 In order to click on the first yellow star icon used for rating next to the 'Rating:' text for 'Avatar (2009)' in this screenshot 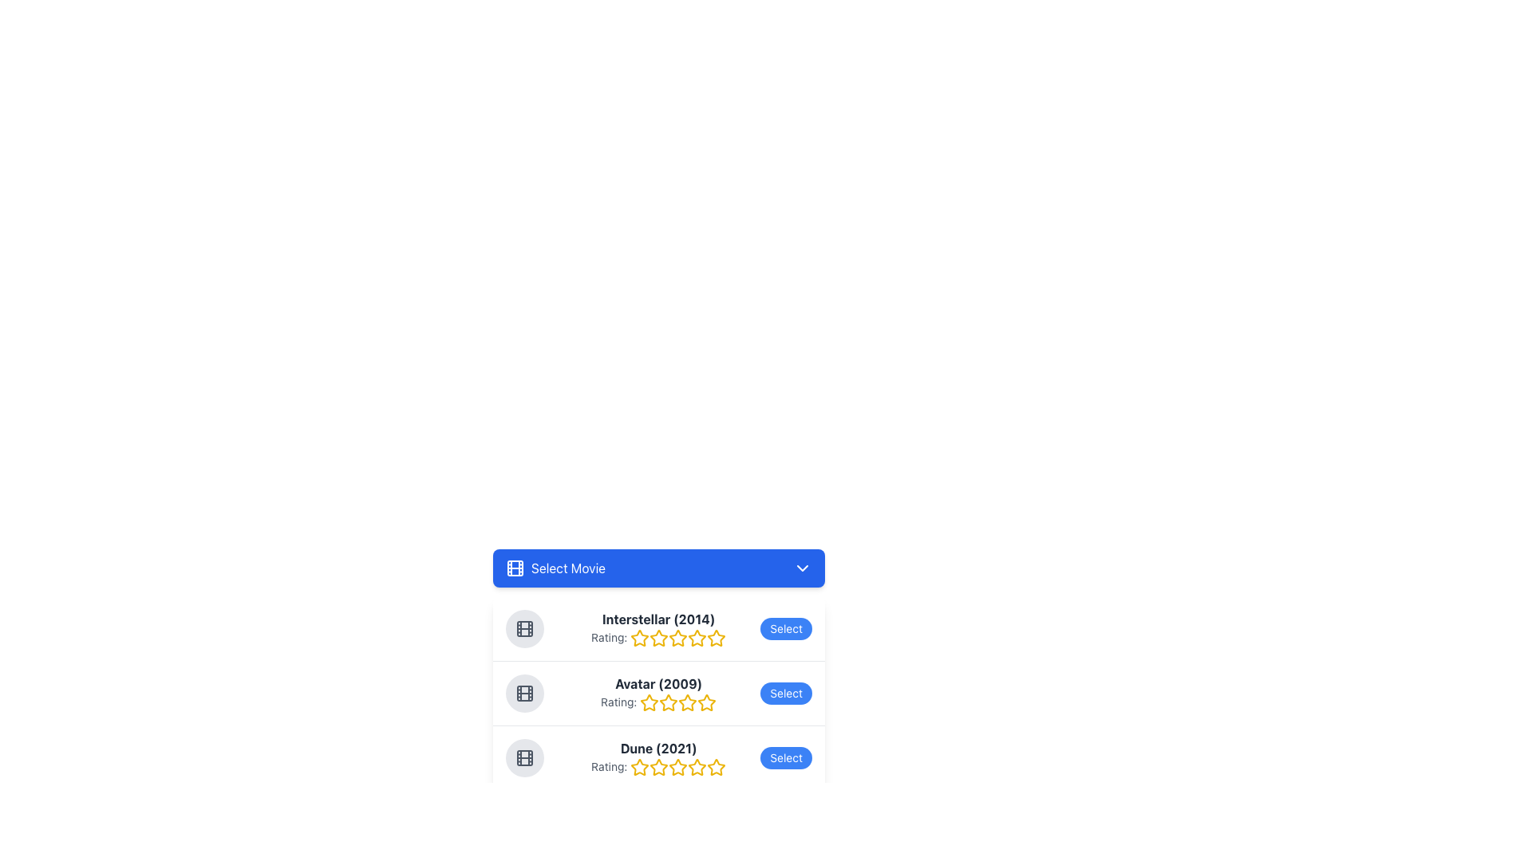, I will do `click(650, 702)`.